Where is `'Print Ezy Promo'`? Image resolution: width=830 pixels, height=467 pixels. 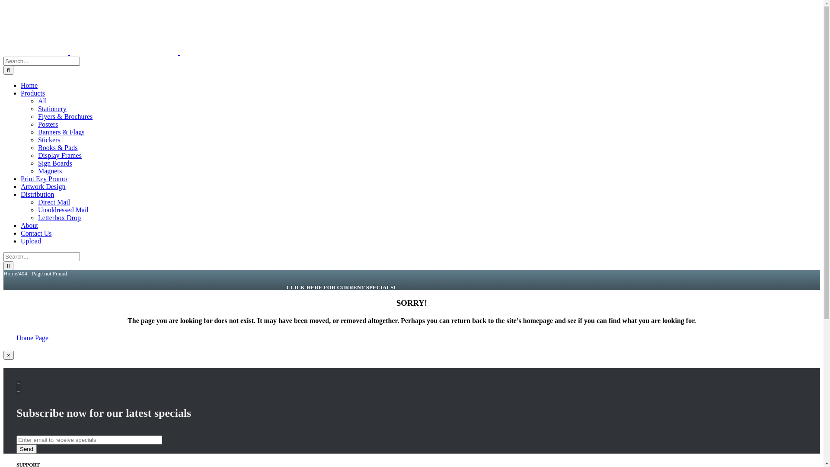
'Print Ezy Promo' is located at coordinates (43, 178).